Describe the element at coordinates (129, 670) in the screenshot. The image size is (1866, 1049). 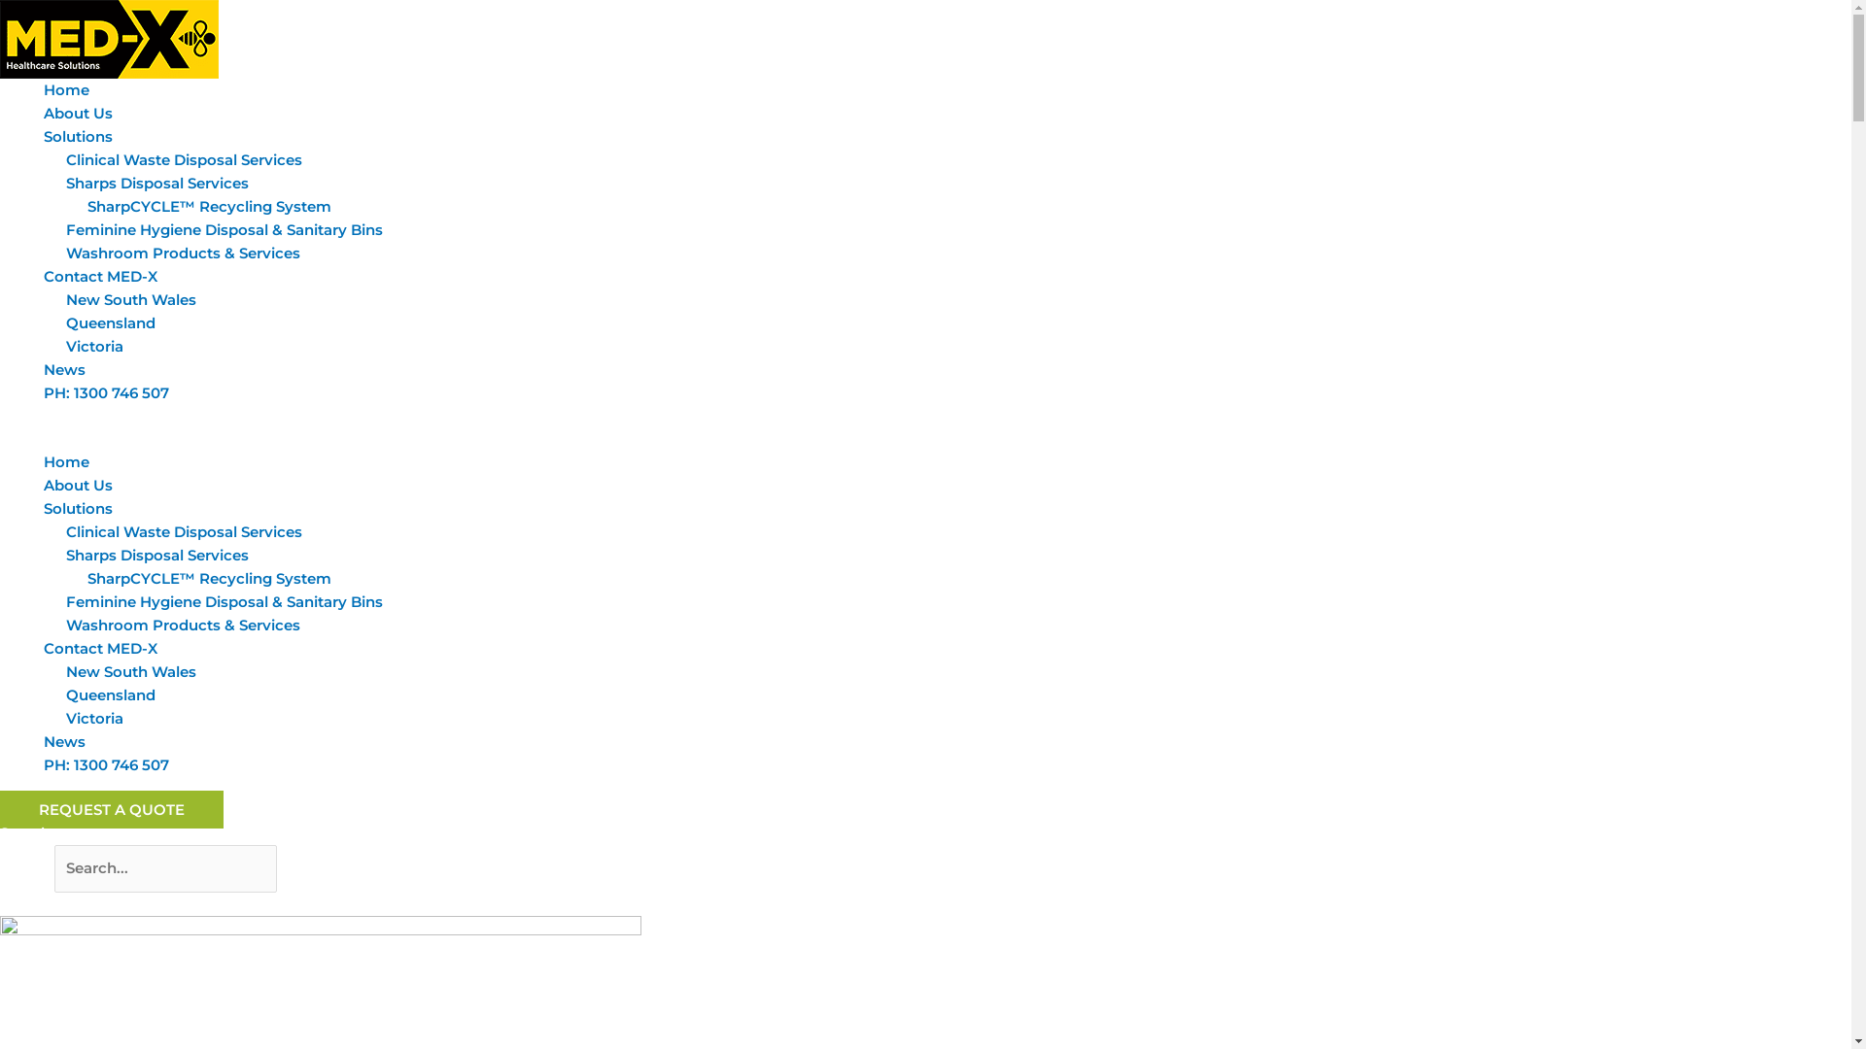
I see `'New South Wales'` at that location.